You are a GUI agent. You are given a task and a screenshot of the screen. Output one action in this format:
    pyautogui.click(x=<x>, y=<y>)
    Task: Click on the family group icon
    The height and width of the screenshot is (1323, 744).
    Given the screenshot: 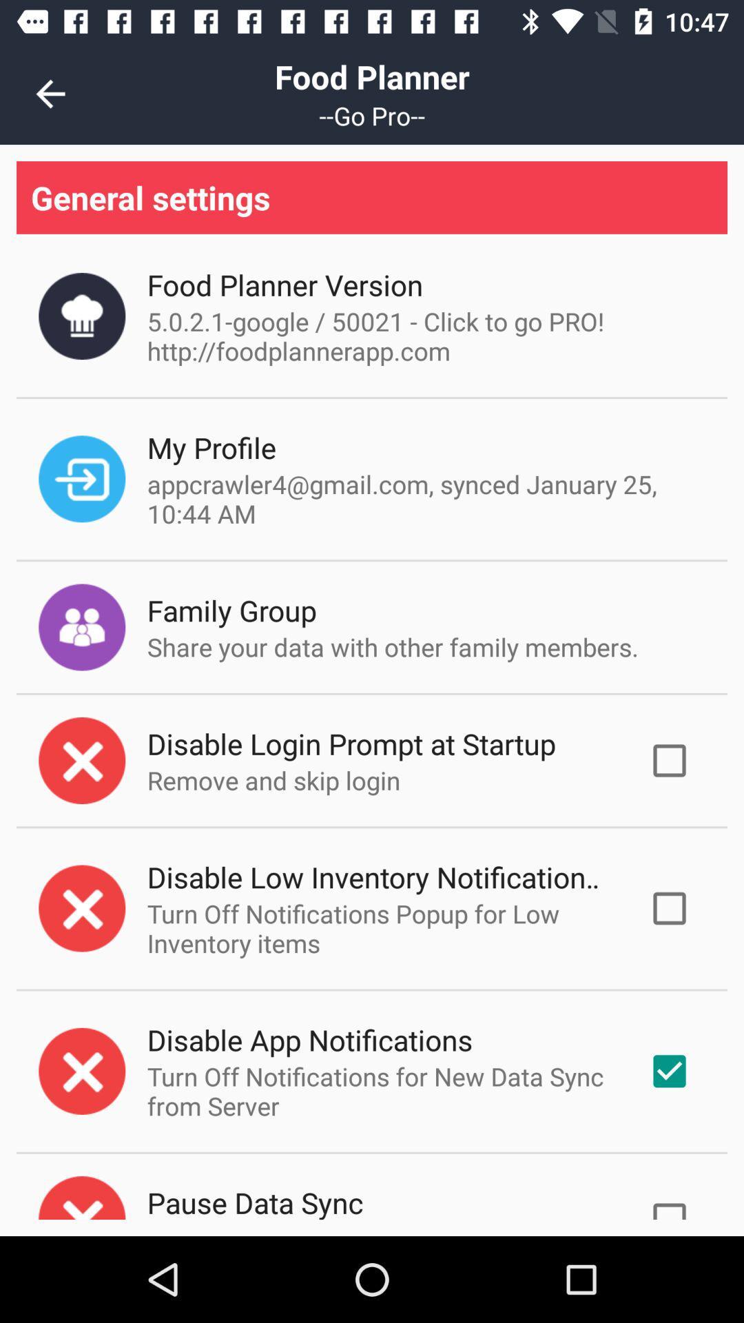 What is the action you would take?
    pyautogui.click(x=231, y=609)
    